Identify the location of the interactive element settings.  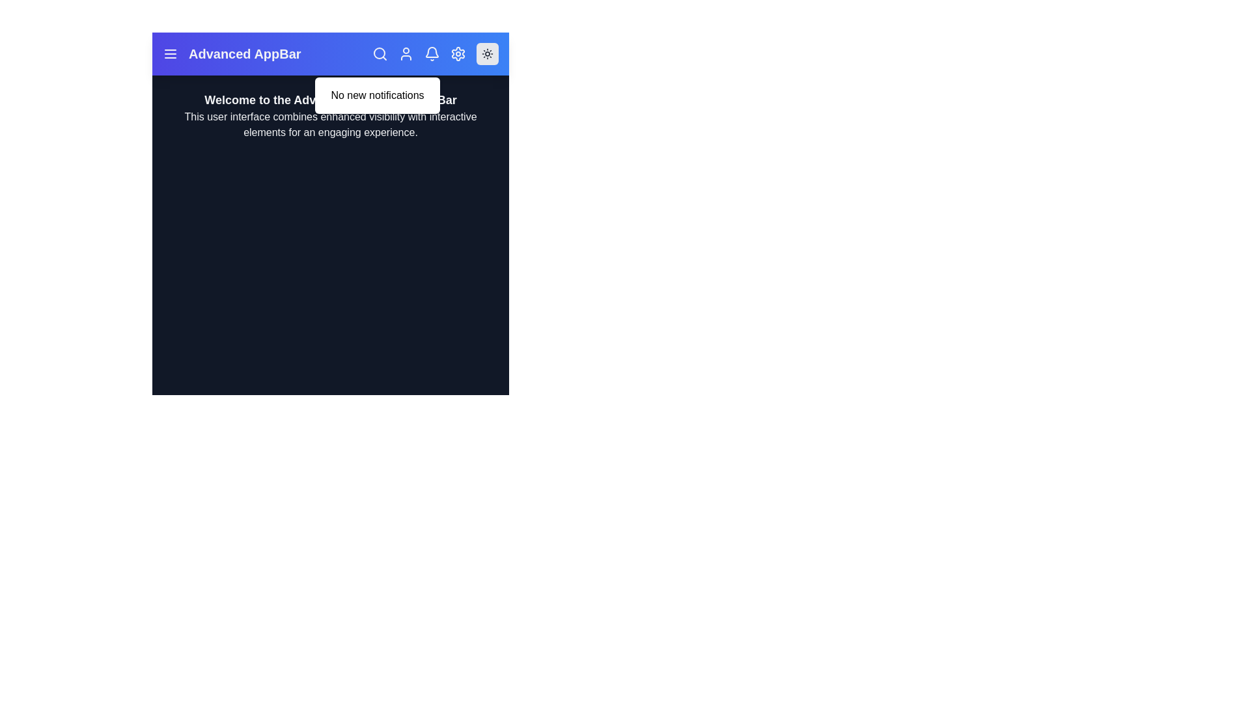
(458, 53).